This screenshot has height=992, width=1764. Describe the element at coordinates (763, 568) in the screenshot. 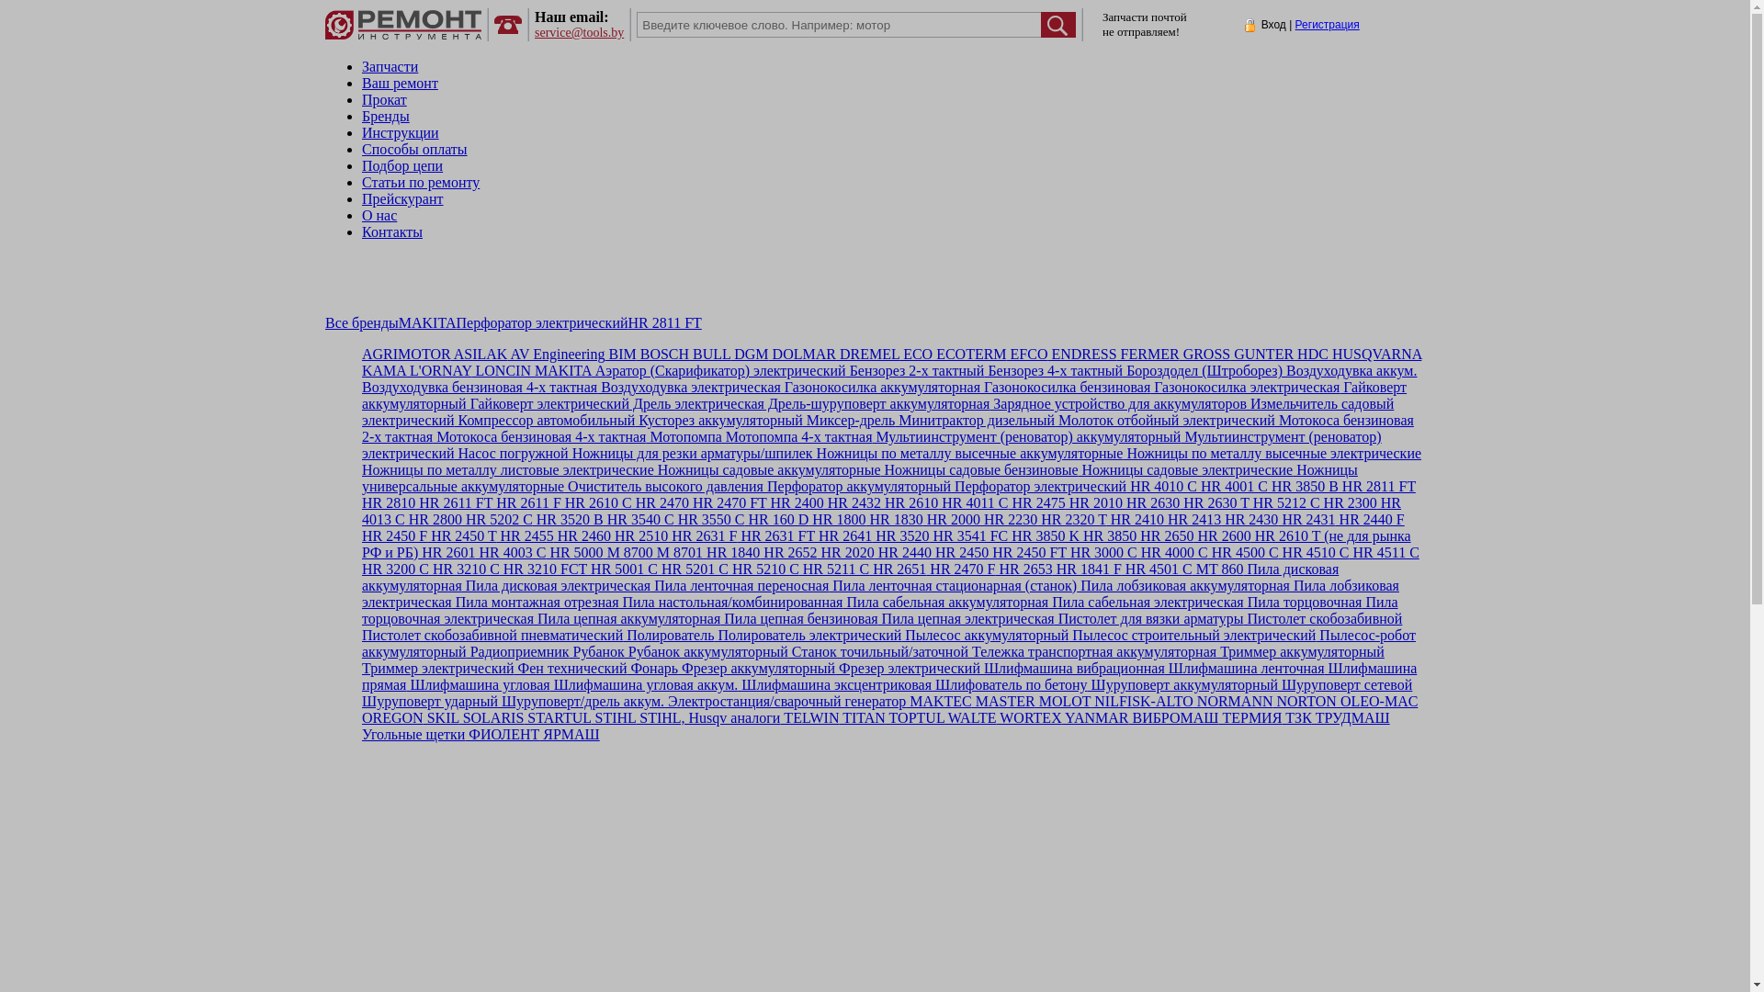

I see `'HR 5210 C'` at that location.